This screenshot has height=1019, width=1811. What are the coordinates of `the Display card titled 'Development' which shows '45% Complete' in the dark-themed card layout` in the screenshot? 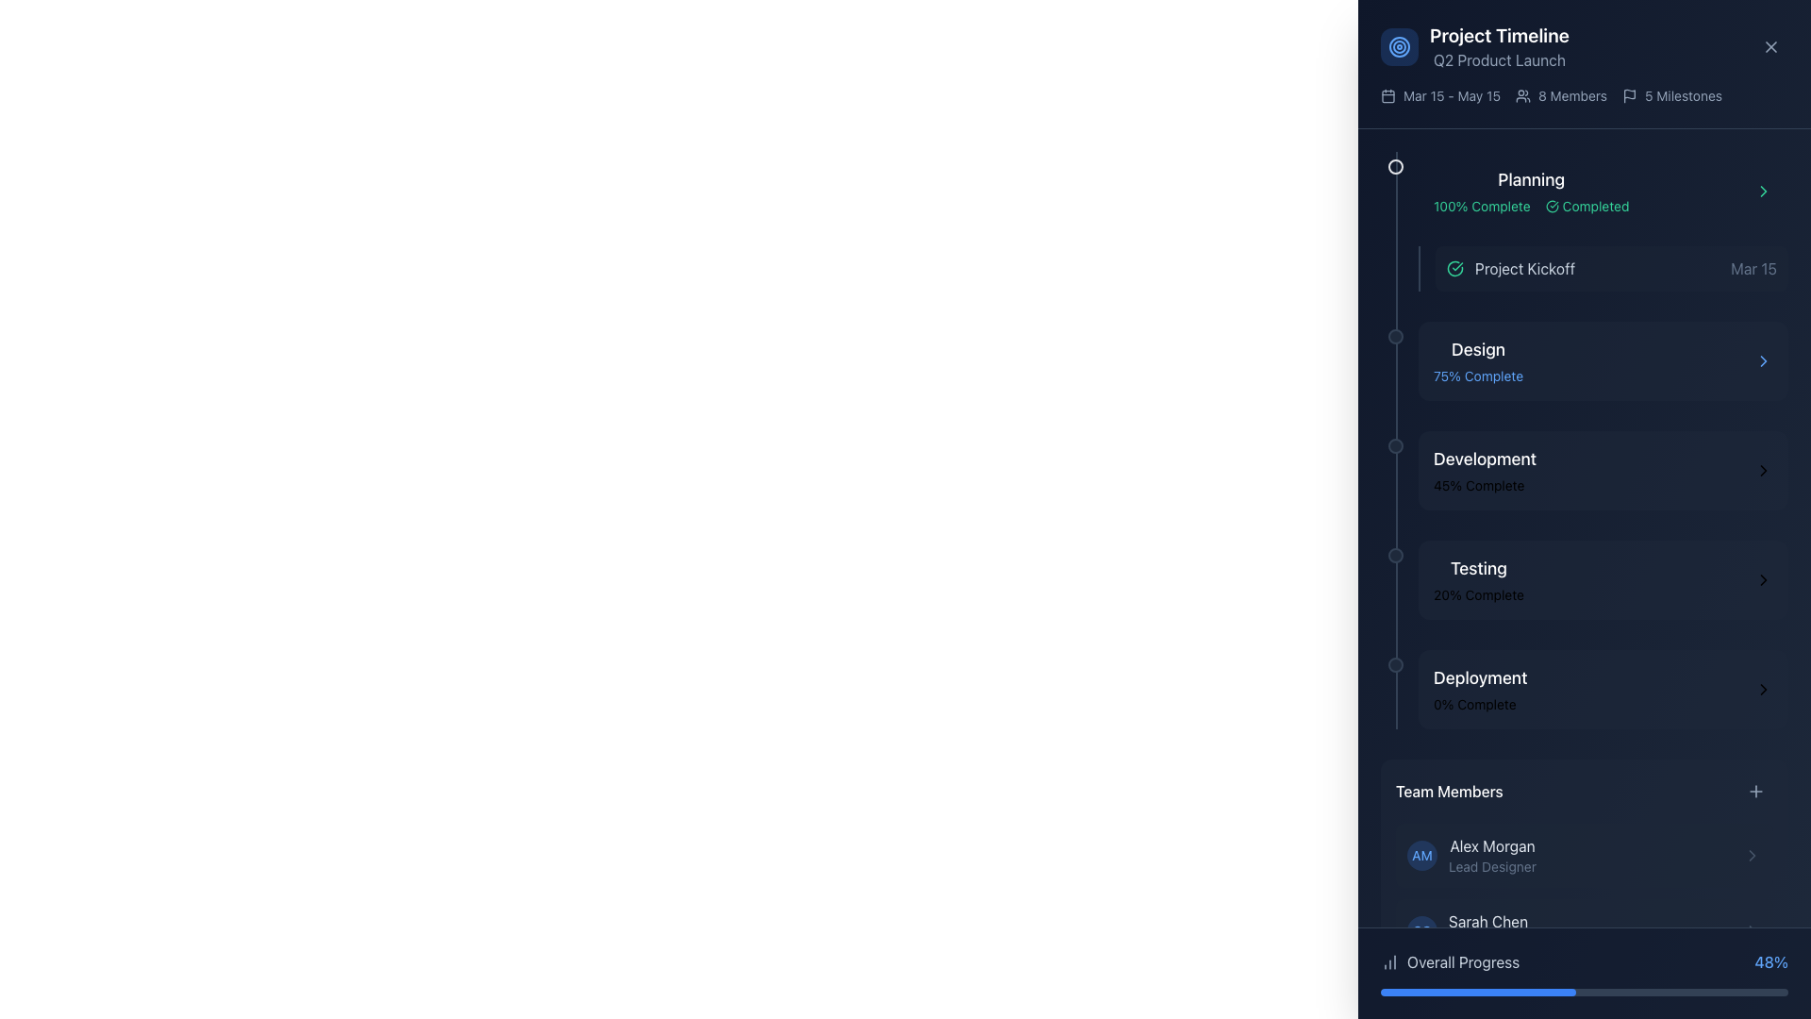 It's located at (1585, 469).